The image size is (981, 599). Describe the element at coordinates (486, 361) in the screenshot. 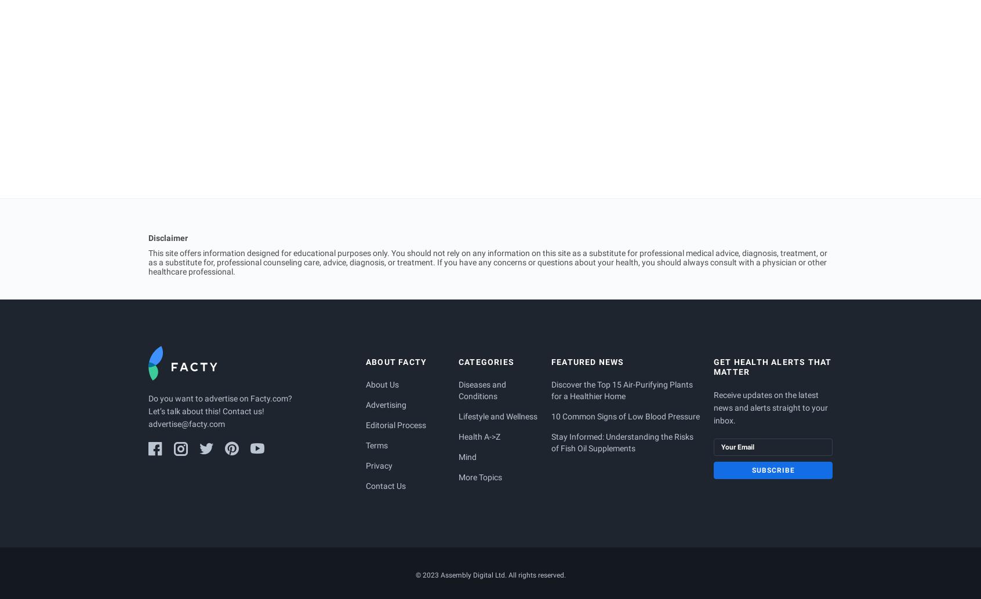

I see `'Categories'` at that location.